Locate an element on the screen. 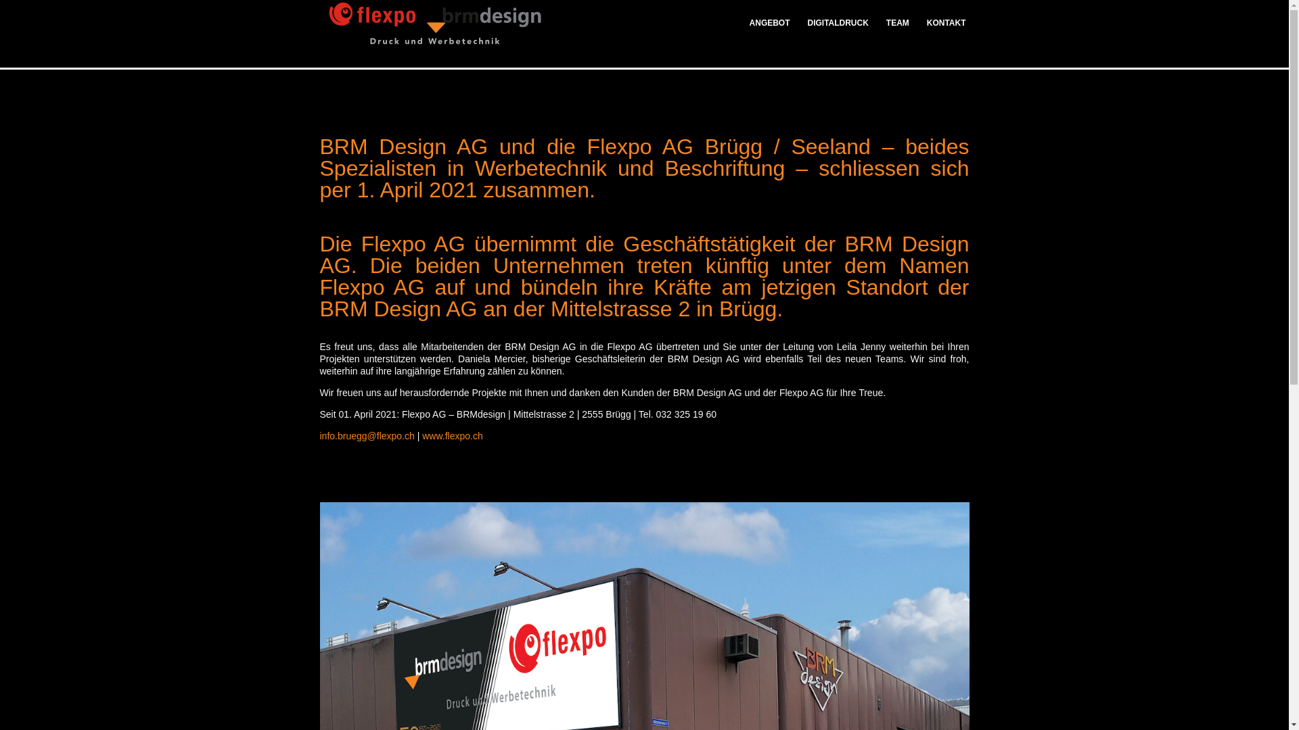 This screenshot has height=730, width=1299. 'DIGITALDRUCK' is located at coordinates (798, 32).